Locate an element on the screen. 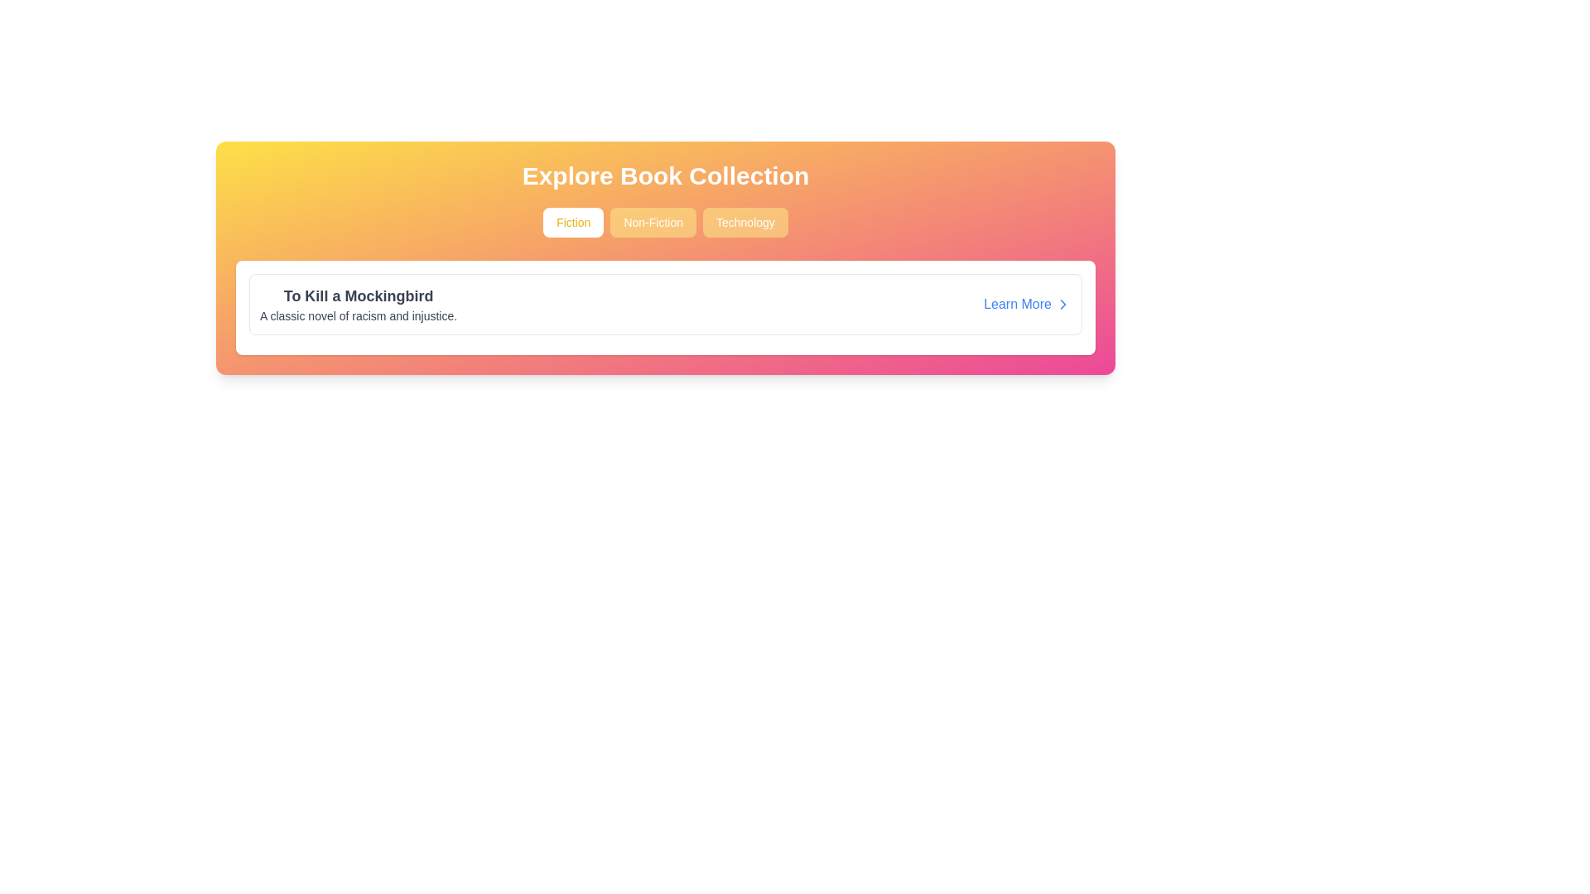 The width and height of the screenshot is (1590, 894). the navigation icon located near the end of the row associated with the 'Learn More' link is located at coordinates (1062, 304).